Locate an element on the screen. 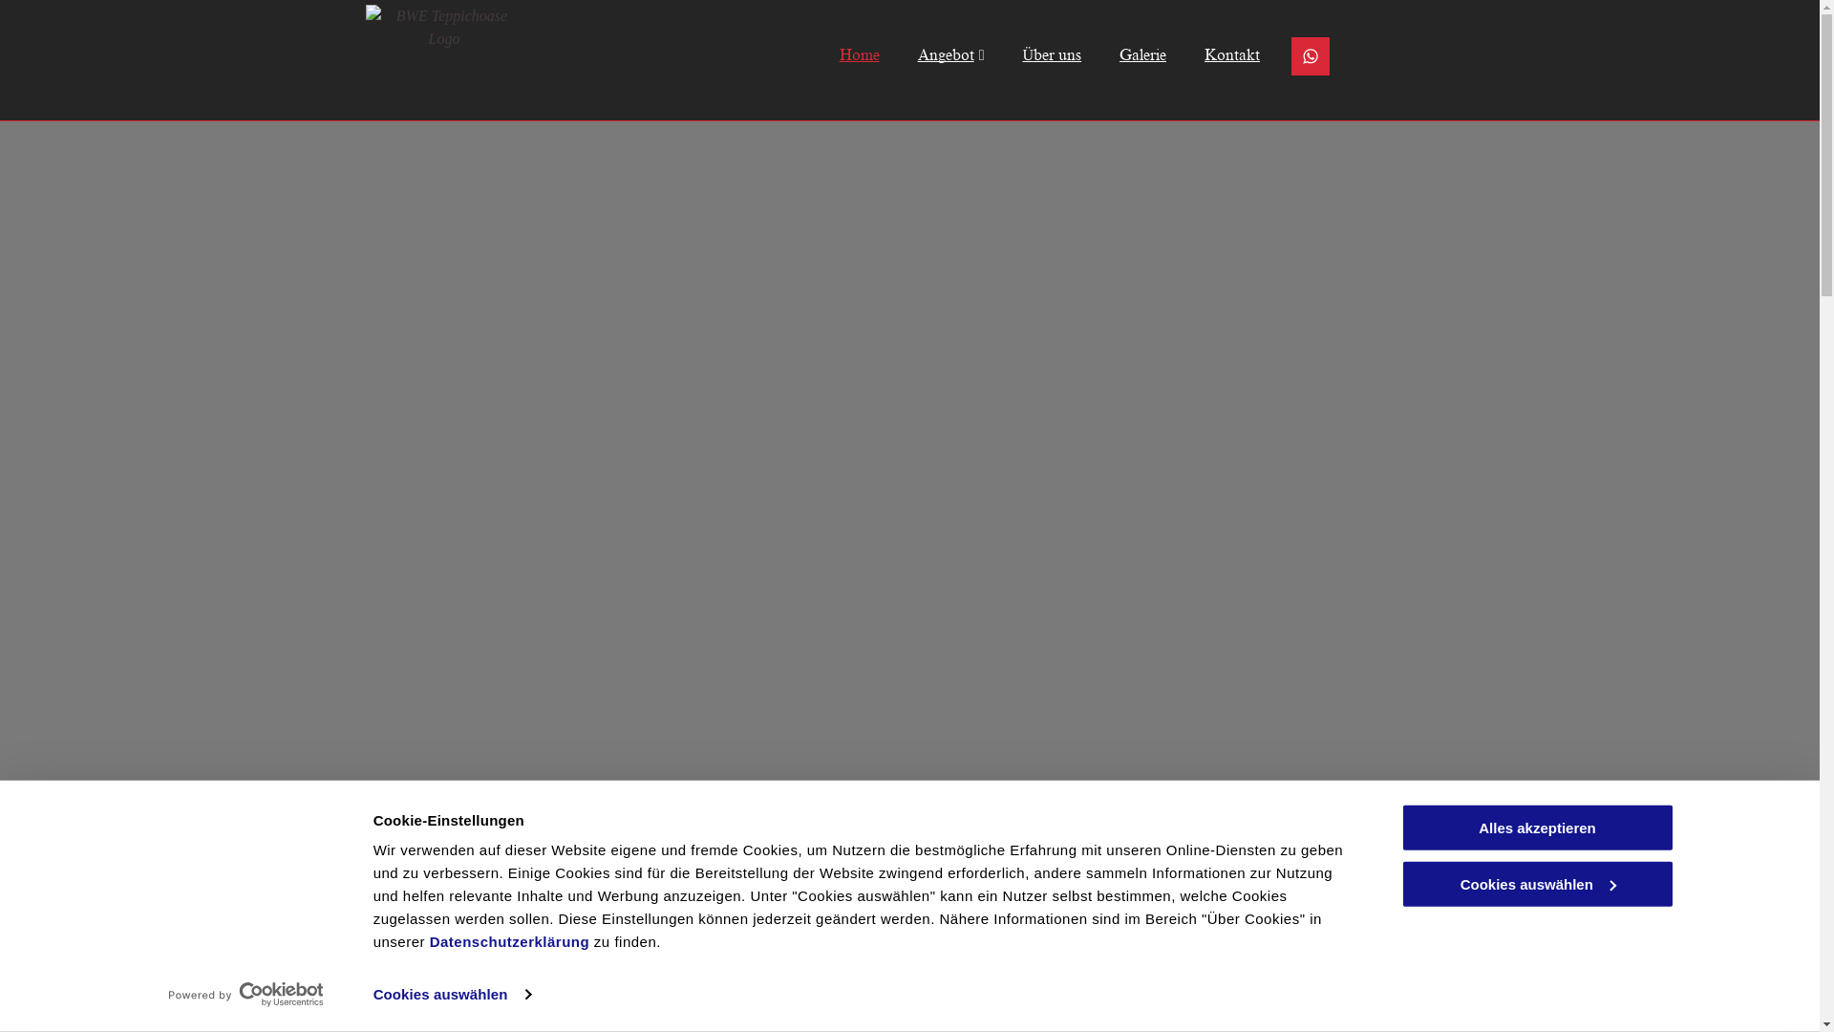 The image size is (1834, 1032). 'Galerie' is located at coordinates (1123, 54).